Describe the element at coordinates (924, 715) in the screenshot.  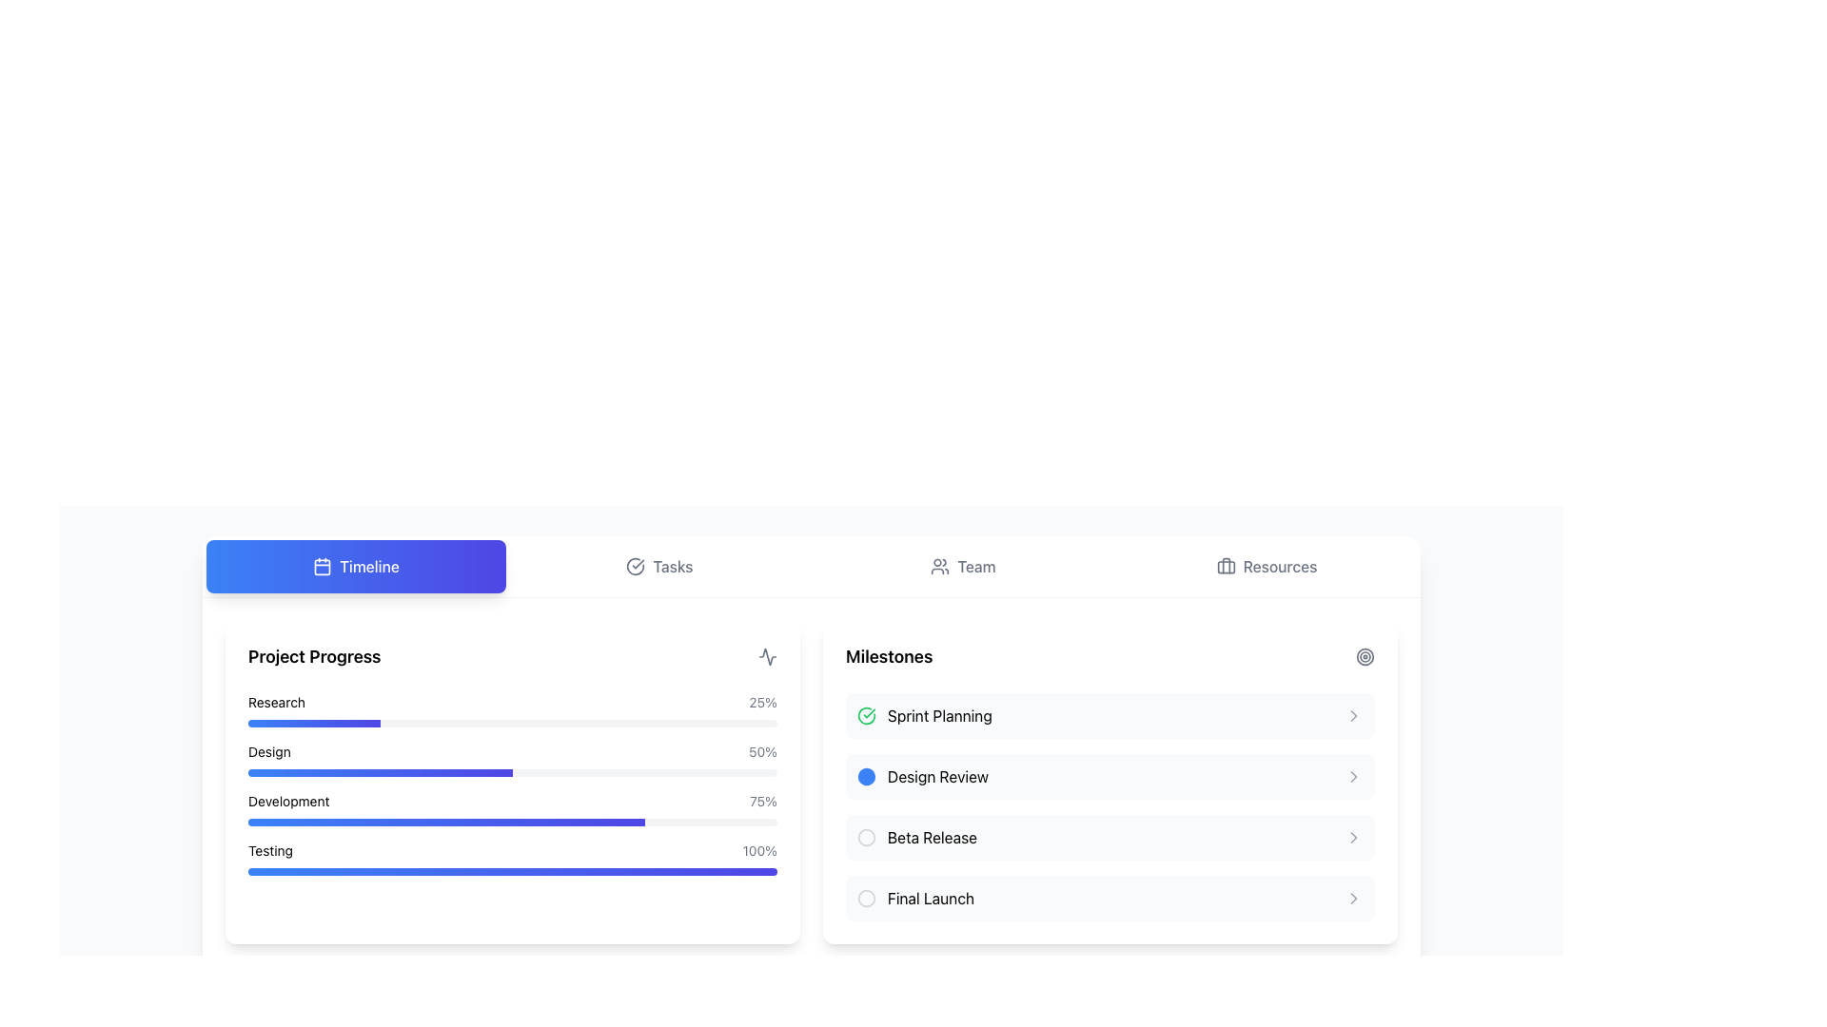
I see `the 'Sprint Planning' milestone text, which is represented by a green circular checkmark icon followed by the text in bold, black font, located in the first item under the 'Milestones' header` at that location.